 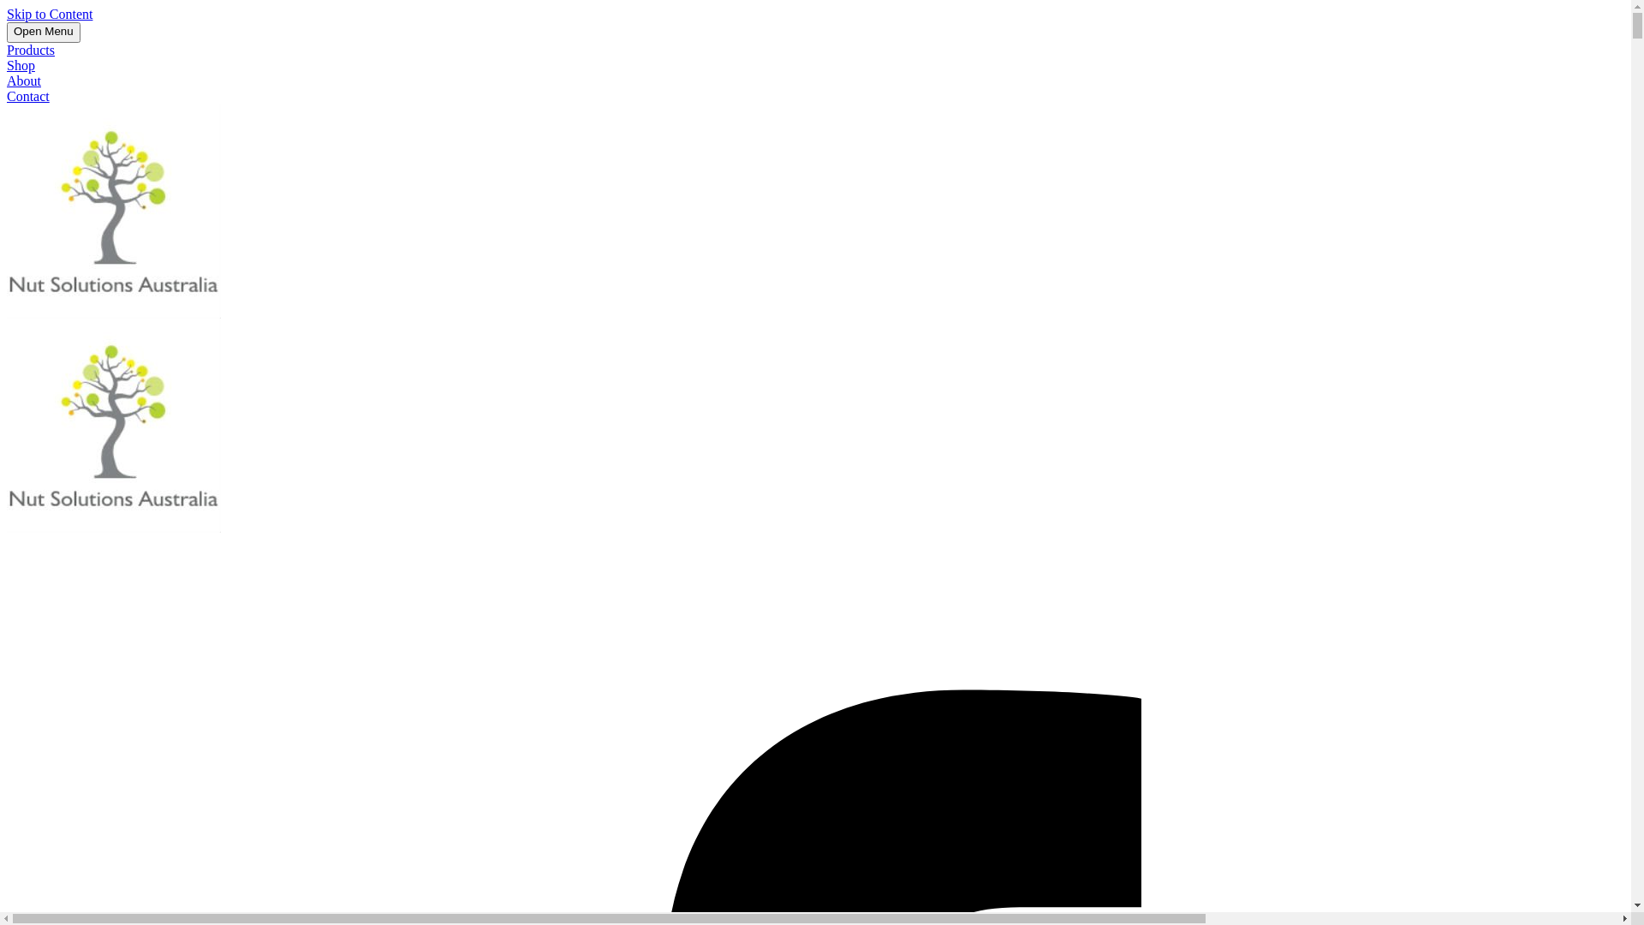 What do you see at coordinates (49, 14) in the screenshot?
I see `'Skip to Content'` at bounding box center [49, 14].